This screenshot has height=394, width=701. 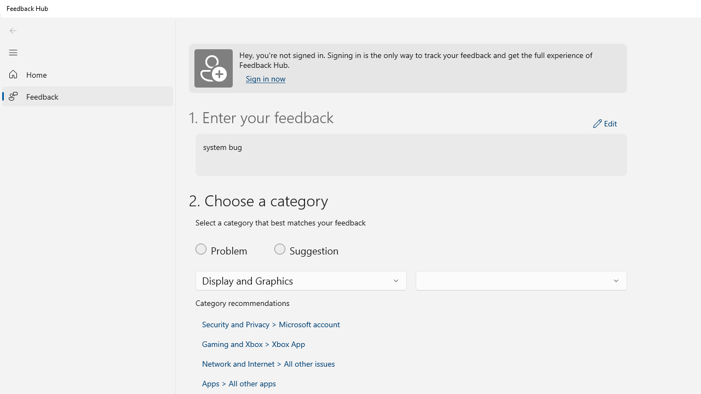 What do you see at coordinates (228, 249) in the screenshot?
I see `'Feedback type, Problem'` at bounding box center [228, 249].